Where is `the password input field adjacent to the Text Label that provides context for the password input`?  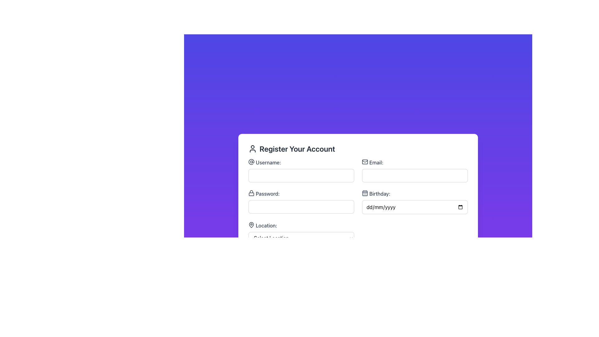
the password input field adjacent to the Text Label that provides context for the password input is located at coordinates (301, 193).